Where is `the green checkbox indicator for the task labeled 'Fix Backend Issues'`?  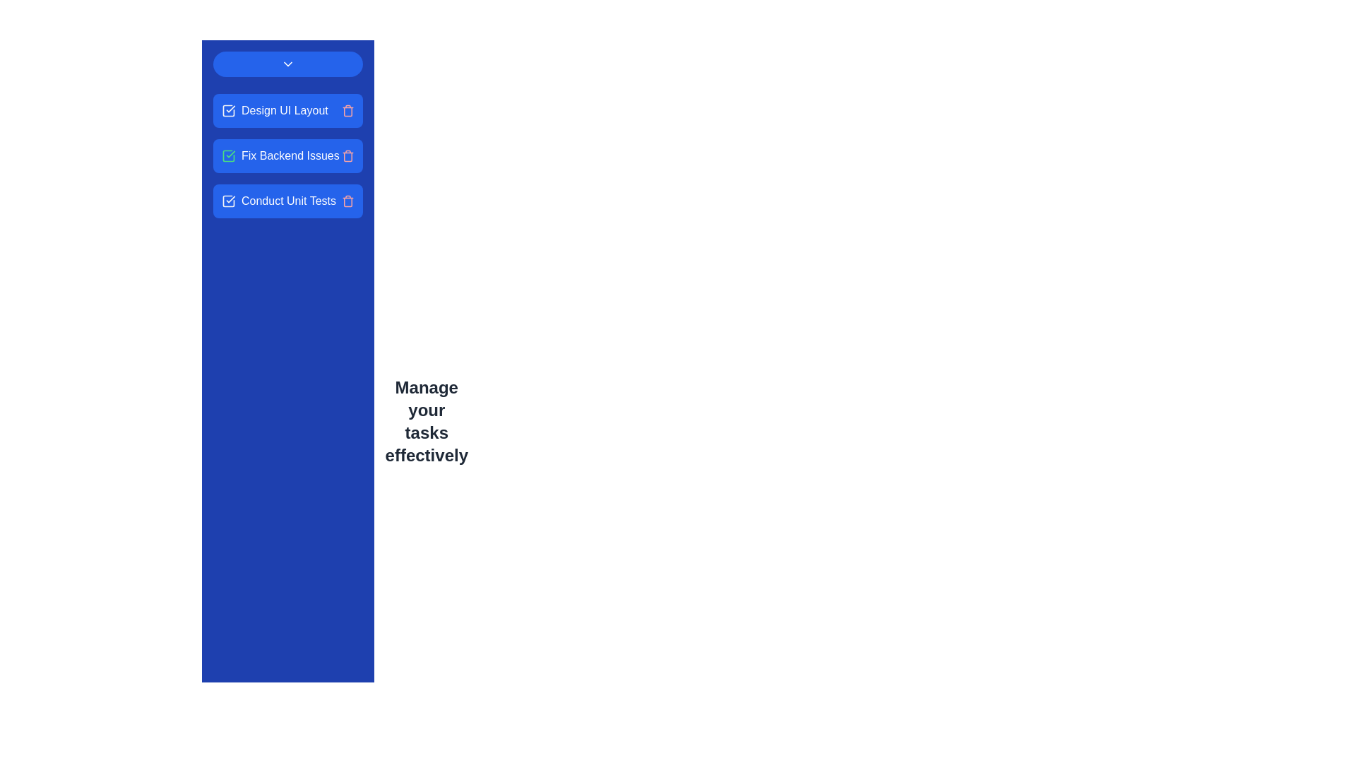
the green checkbox indicator for the task labeled 'Fix Backend Issues' is located at coordinates (229, 155).